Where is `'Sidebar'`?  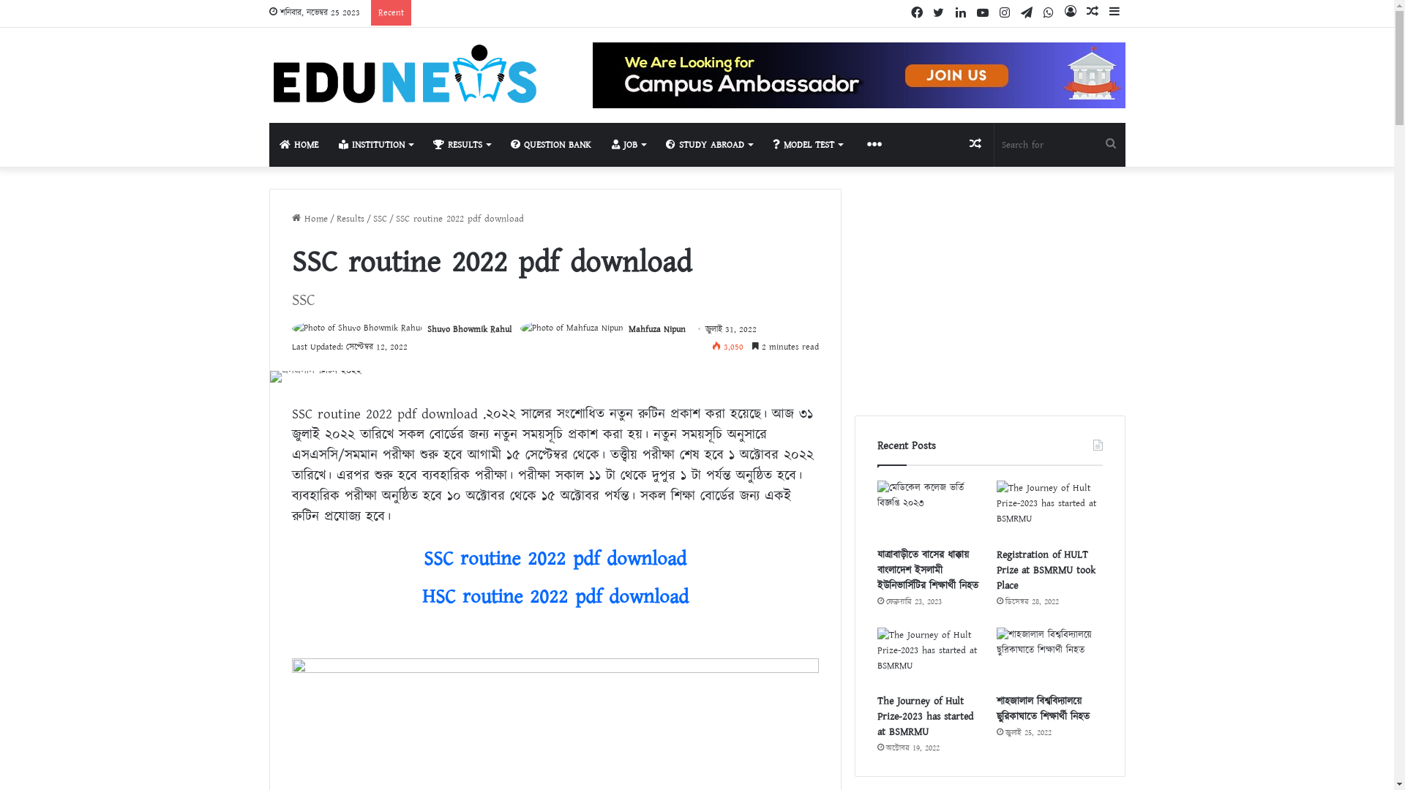 'Sidebar' is located at coordinates (1113, 12).